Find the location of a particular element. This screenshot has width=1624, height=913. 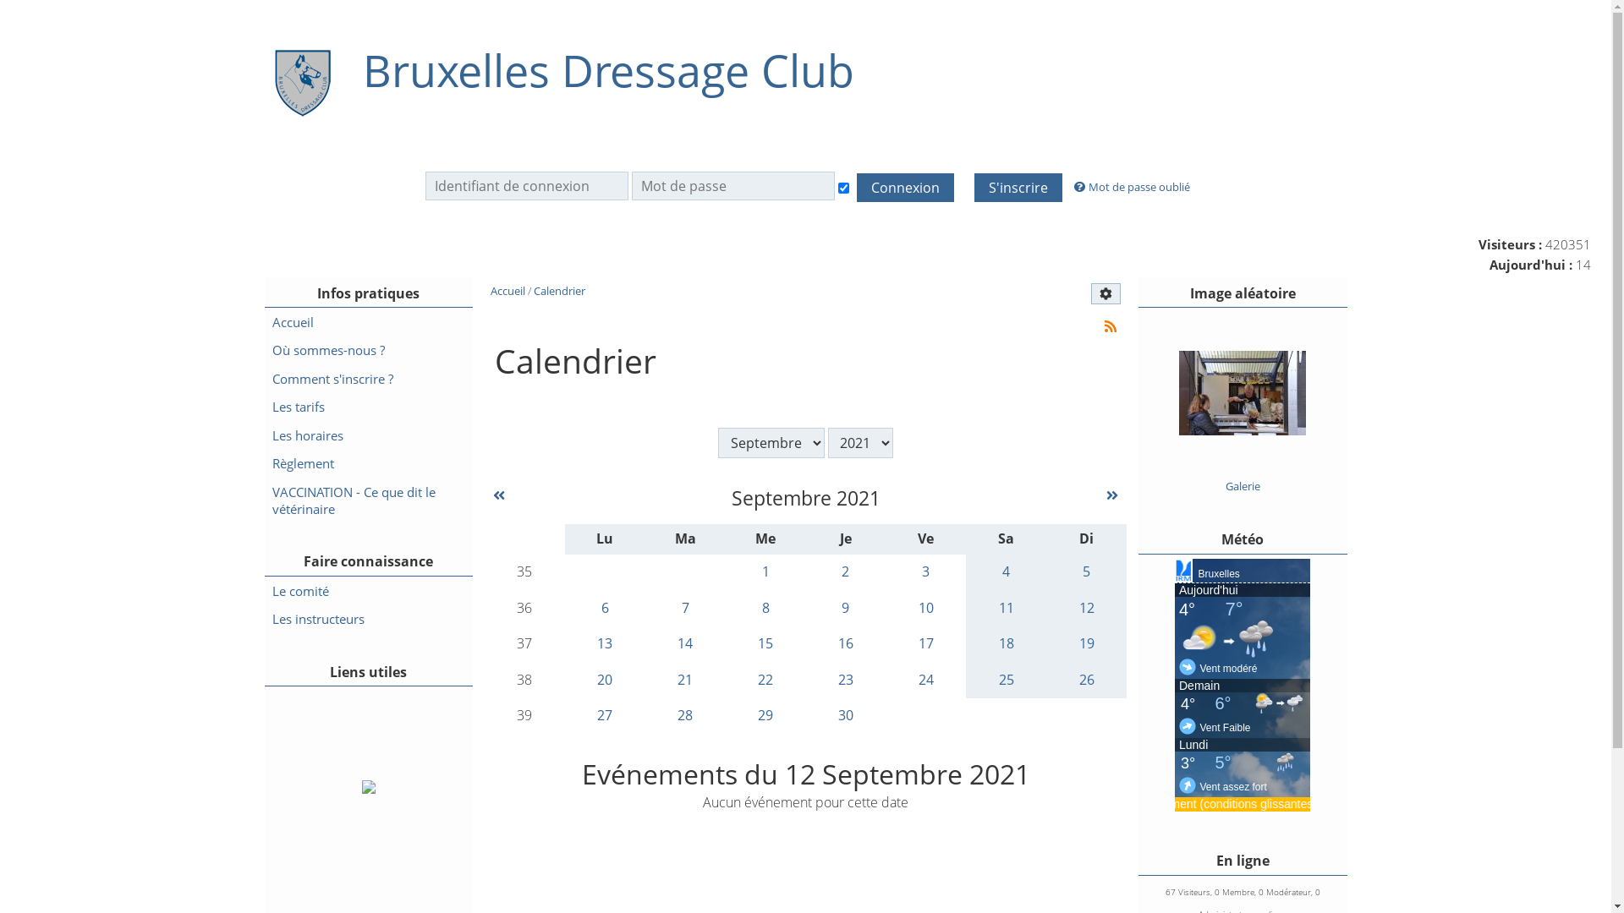

'Accueil' is located at coordinates (490, 289).